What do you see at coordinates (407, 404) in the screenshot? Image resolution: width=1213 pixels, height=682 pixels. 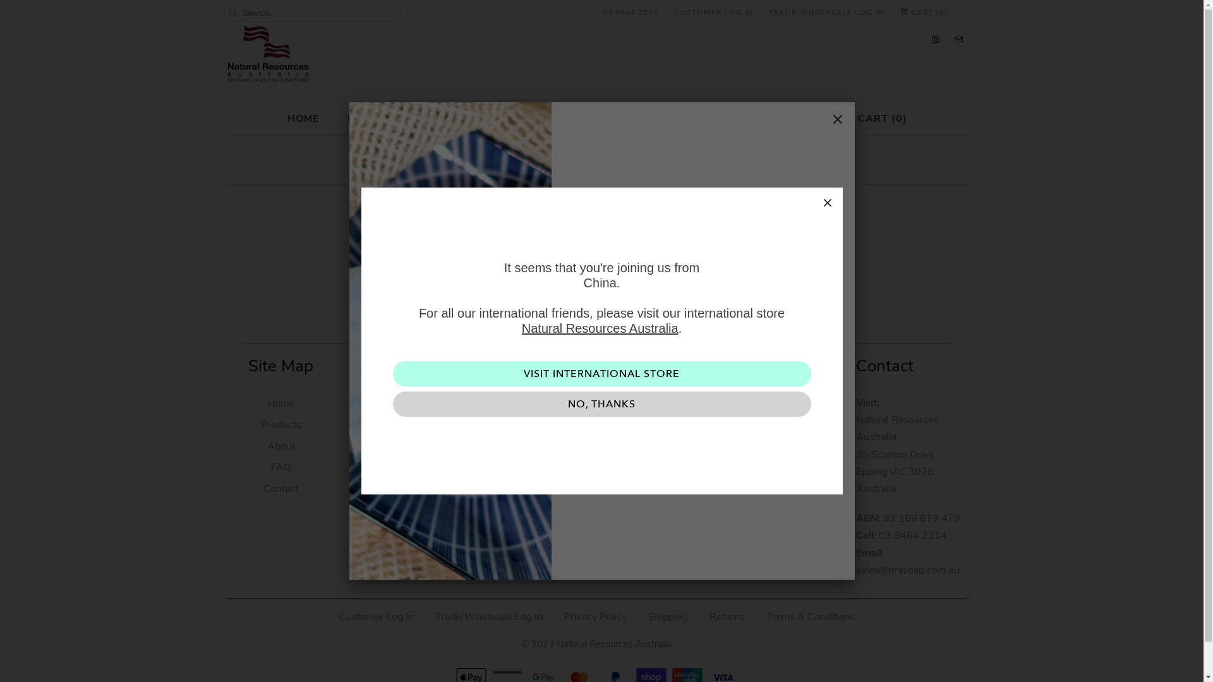 I see `'Soaps'` at bounding box center [407, 404].